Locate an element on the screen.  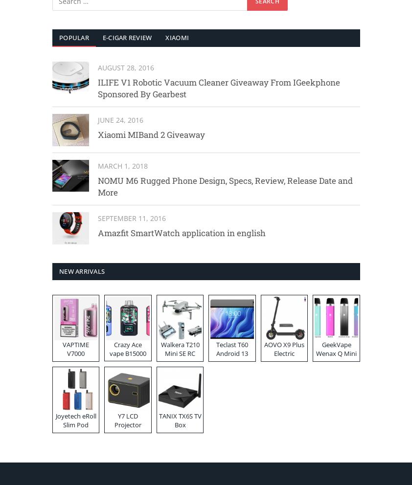
'VAPTIME V7000 Disposable Vape' is located at coordinates (75, 357).